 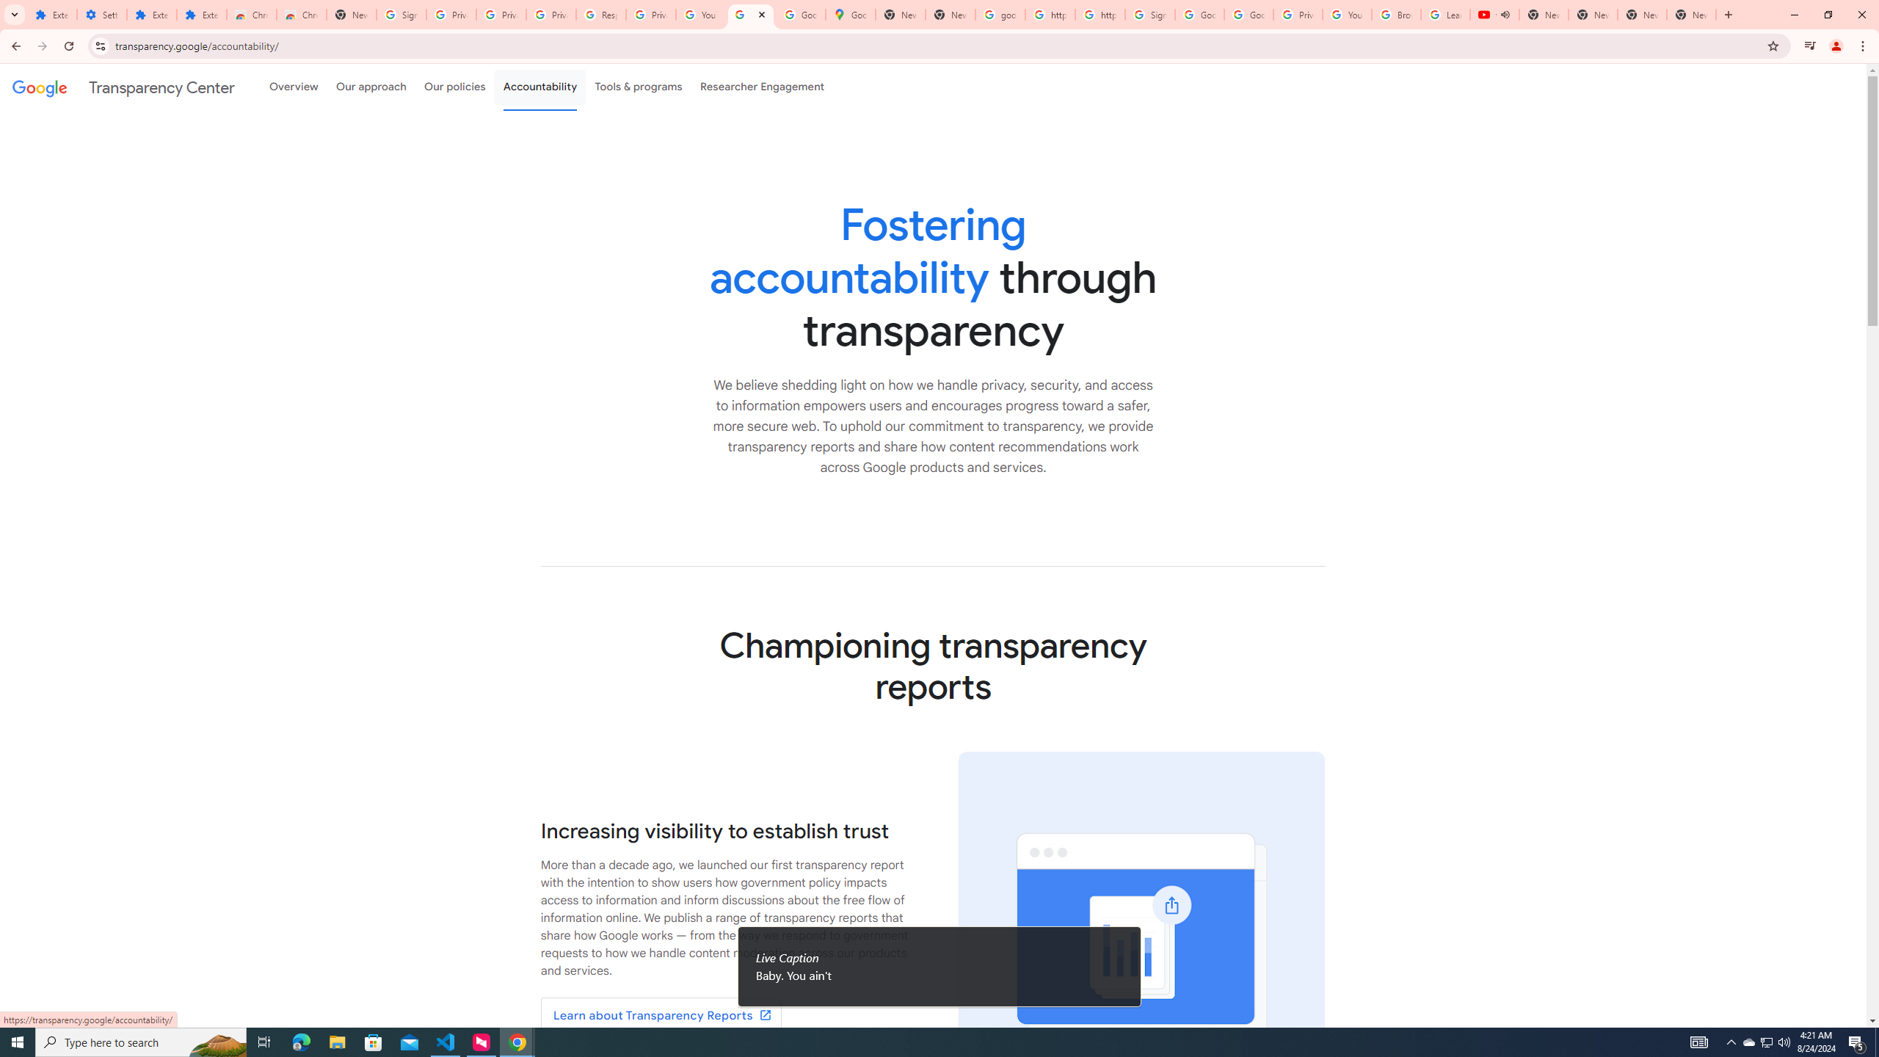 What do you see at coordinates (51, 14) in the screenshot?
I see `'Extensions'` at bounding box center [51, 14].